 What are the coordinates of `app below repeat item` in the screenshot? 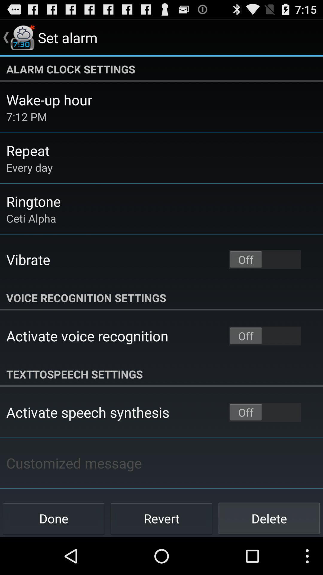 It's located at (29, 167).